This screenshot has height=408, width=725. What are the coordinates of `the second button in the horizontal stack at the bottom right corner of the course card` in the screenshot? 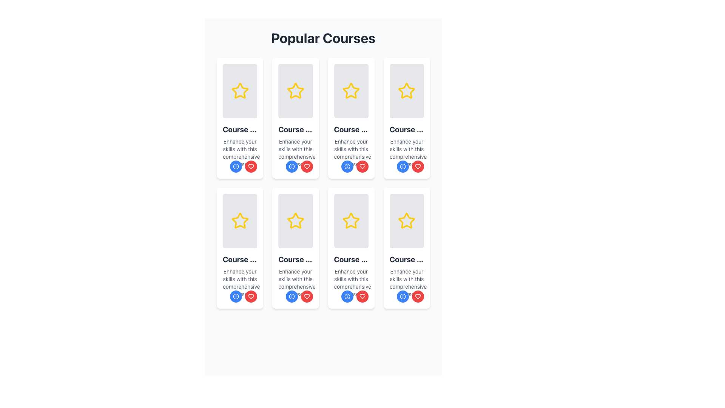 It's located at (354, 296).